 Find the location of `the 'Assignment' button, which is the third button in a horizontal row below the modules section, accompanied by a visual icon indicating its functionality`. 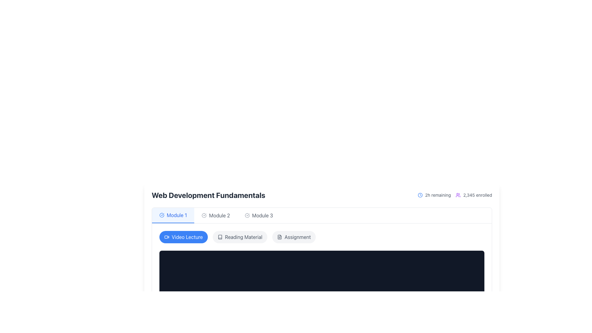

the 'Assignment' button, which is the third button in a horizontal row below the modules section, accompanied by a visual icon indicating its functionality is located at coordinates (279, 236).